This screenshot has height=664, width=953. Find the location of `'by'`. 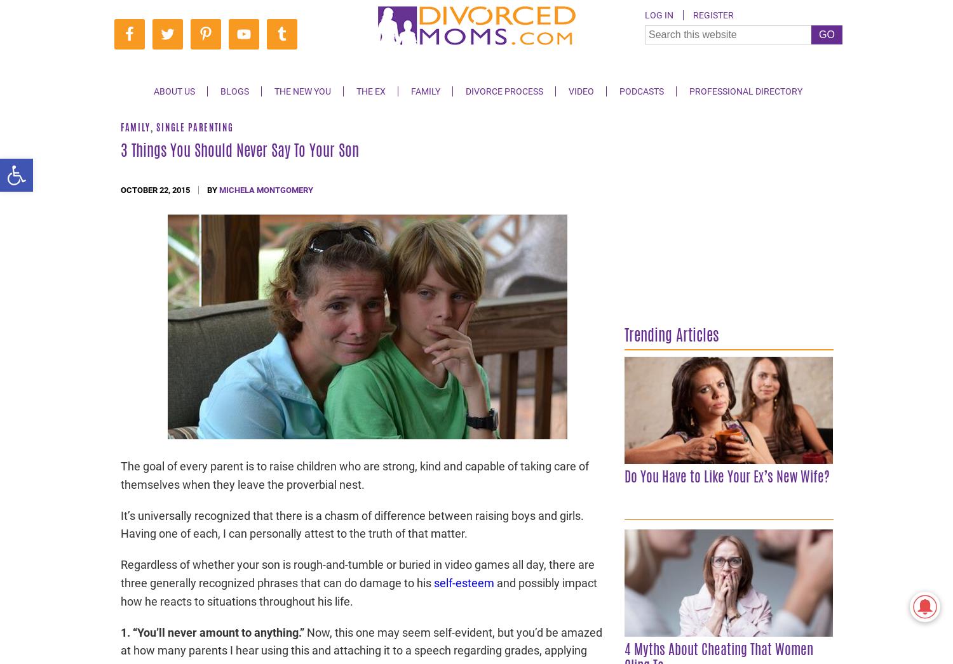

'by' is located at coordinates (212, 189).